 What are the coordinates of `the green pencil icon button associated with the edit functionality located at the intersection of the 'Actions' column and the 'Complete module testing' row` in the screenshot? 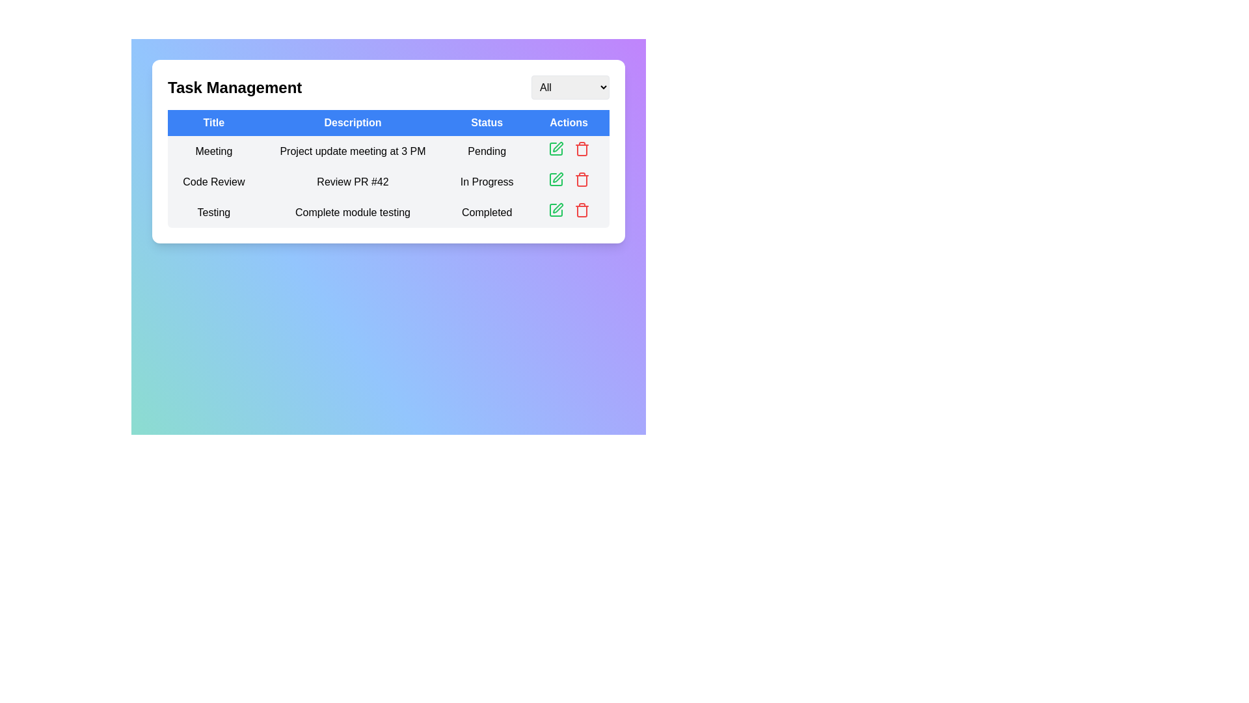 It's located at (556, 210).